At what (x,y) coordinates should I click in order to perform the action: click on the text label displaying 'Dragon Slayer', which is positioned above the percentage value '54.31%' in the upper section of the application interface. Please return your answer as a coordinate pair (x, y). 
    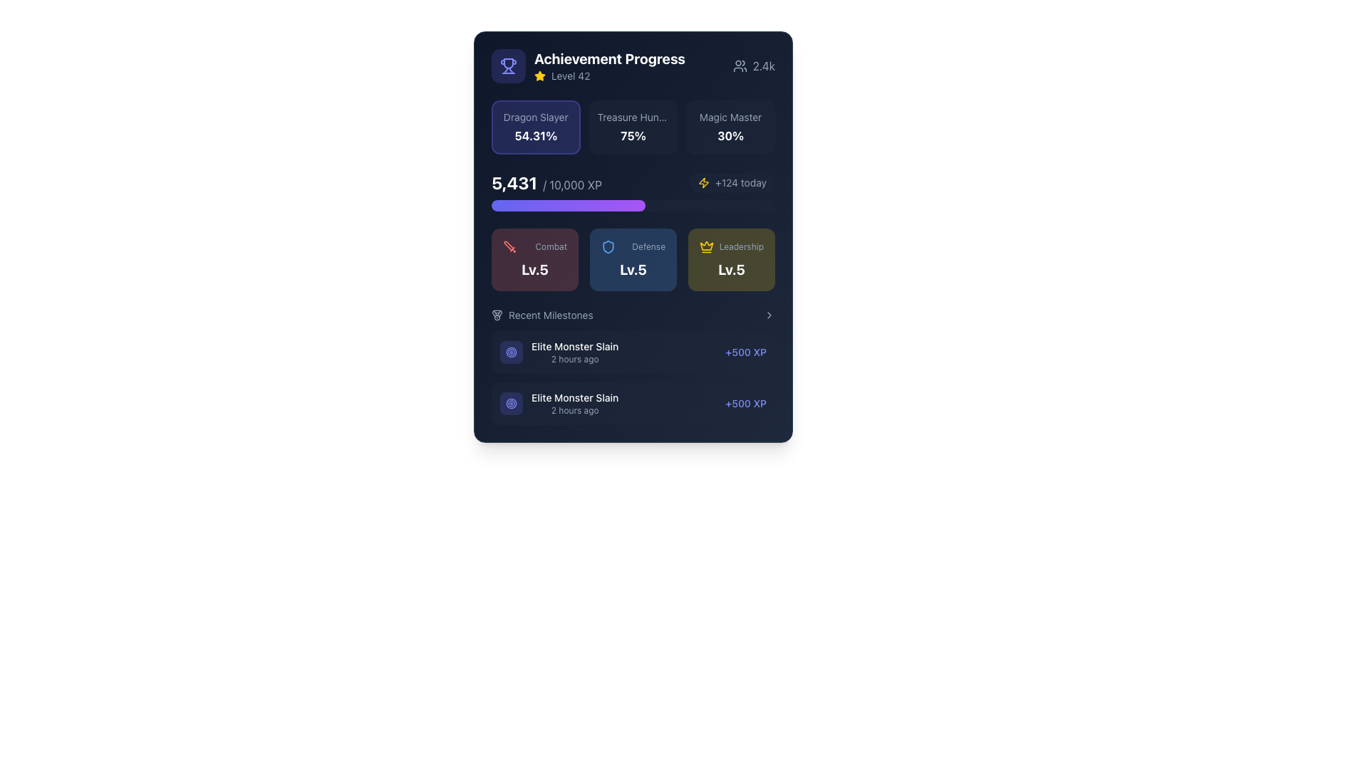
    Looking at the image, I should click on (535, 117).